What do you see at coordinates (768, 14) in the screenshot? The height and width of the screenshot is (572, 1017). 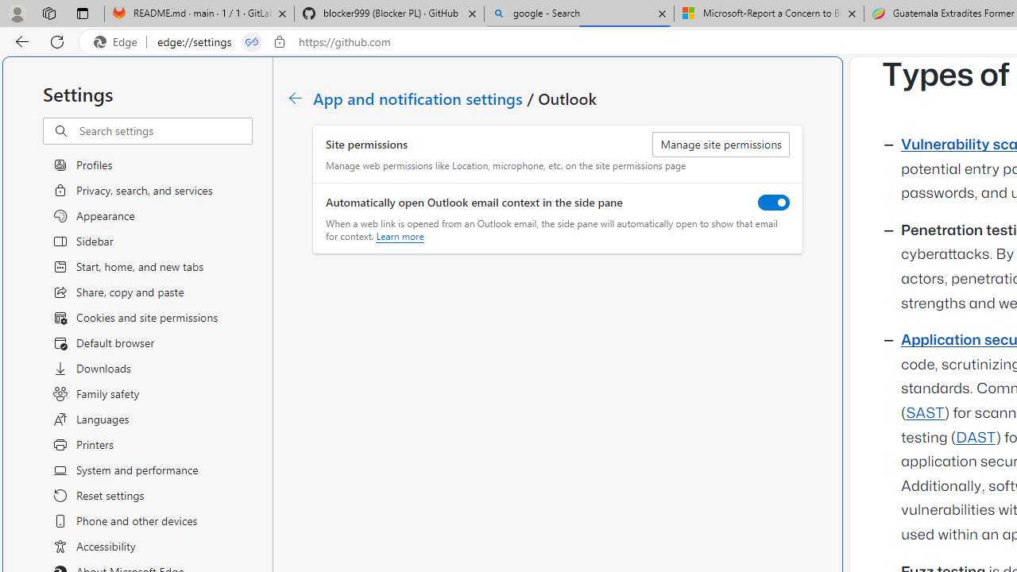 I see `'Microsoft-Report a Concern to Bing'` at bounding box center [768, 14].